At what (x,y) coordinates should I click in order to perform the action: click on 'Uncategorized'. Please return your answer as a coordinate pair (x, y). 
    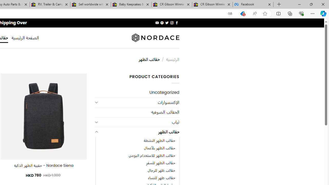
    Looking at the image, I should click on (137, 92).